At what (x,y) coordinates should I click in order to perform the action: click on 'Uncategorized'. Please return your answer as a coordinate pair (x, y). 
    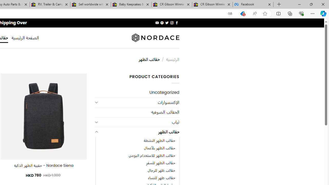
    Looking at the image, I should click on (137, 92).